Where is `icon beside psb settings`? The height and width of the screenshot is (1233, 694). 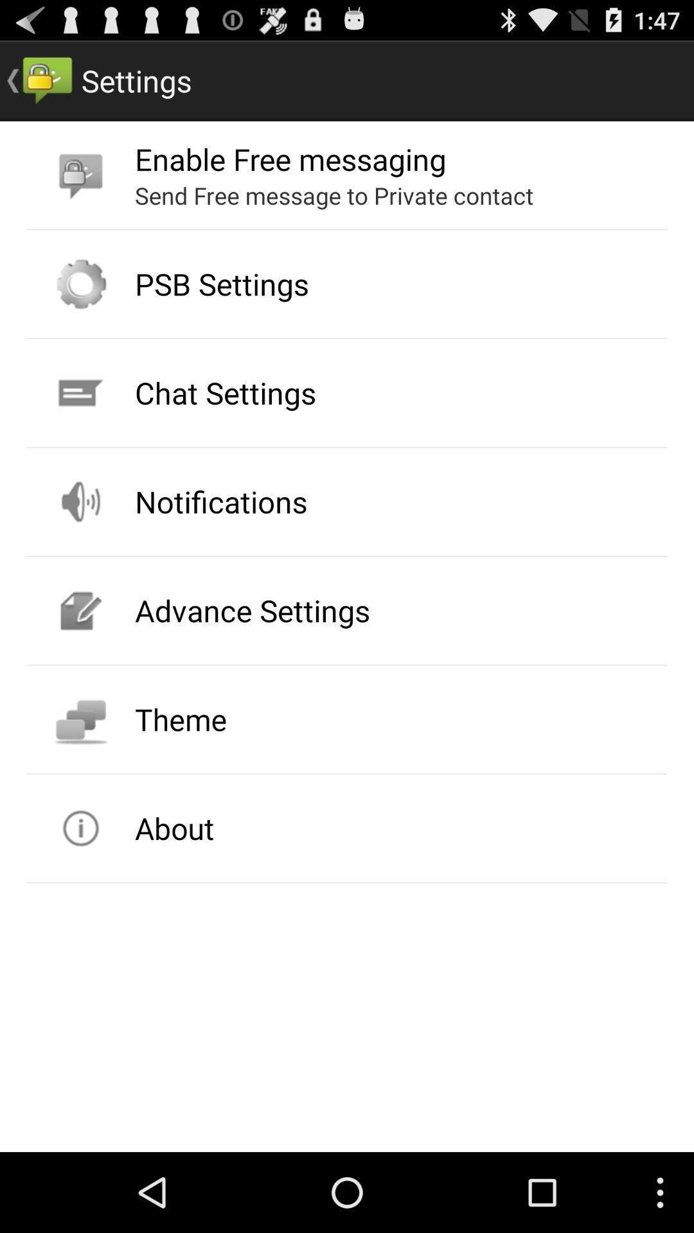
icon beside psb settings is located at coordinates (81, 283).